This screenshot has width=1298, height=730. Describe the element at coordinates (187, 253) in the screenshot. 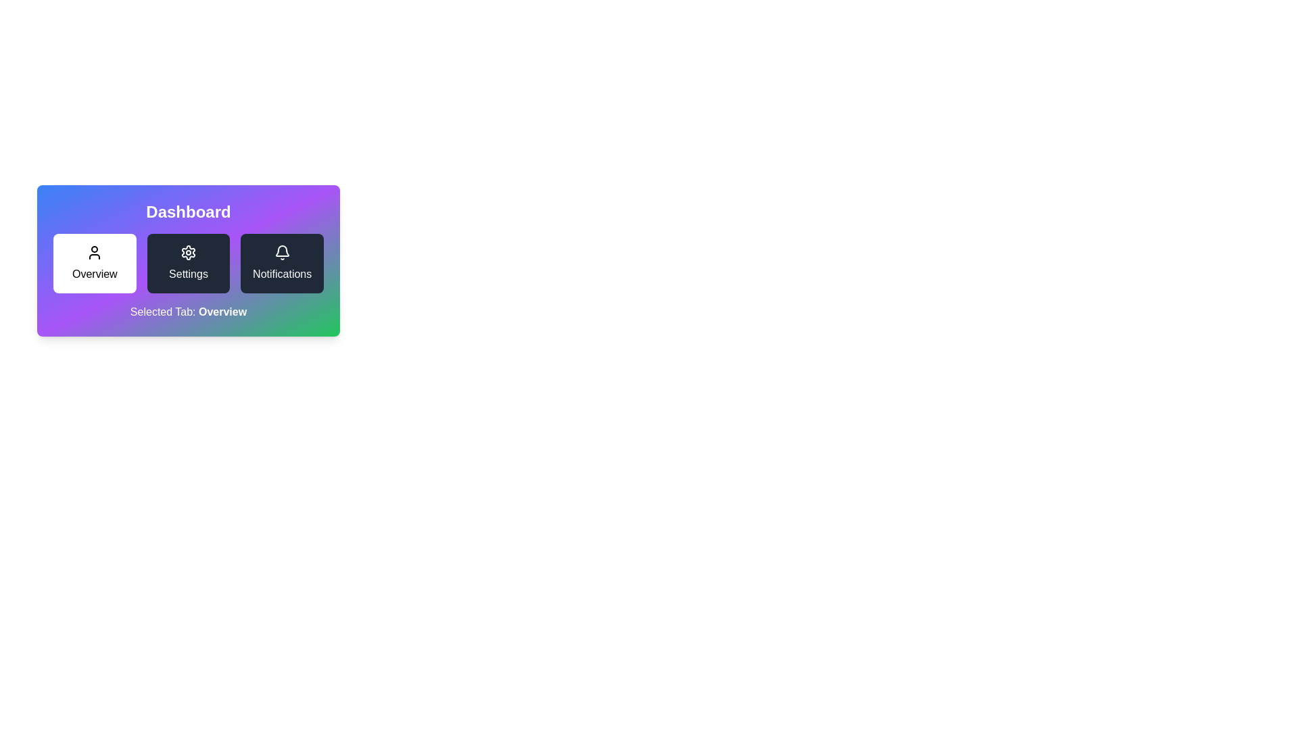

I see `the configuration icon resembling a gear located in the middle tab labeled 'Settings' in the main navigation bar` at that location.